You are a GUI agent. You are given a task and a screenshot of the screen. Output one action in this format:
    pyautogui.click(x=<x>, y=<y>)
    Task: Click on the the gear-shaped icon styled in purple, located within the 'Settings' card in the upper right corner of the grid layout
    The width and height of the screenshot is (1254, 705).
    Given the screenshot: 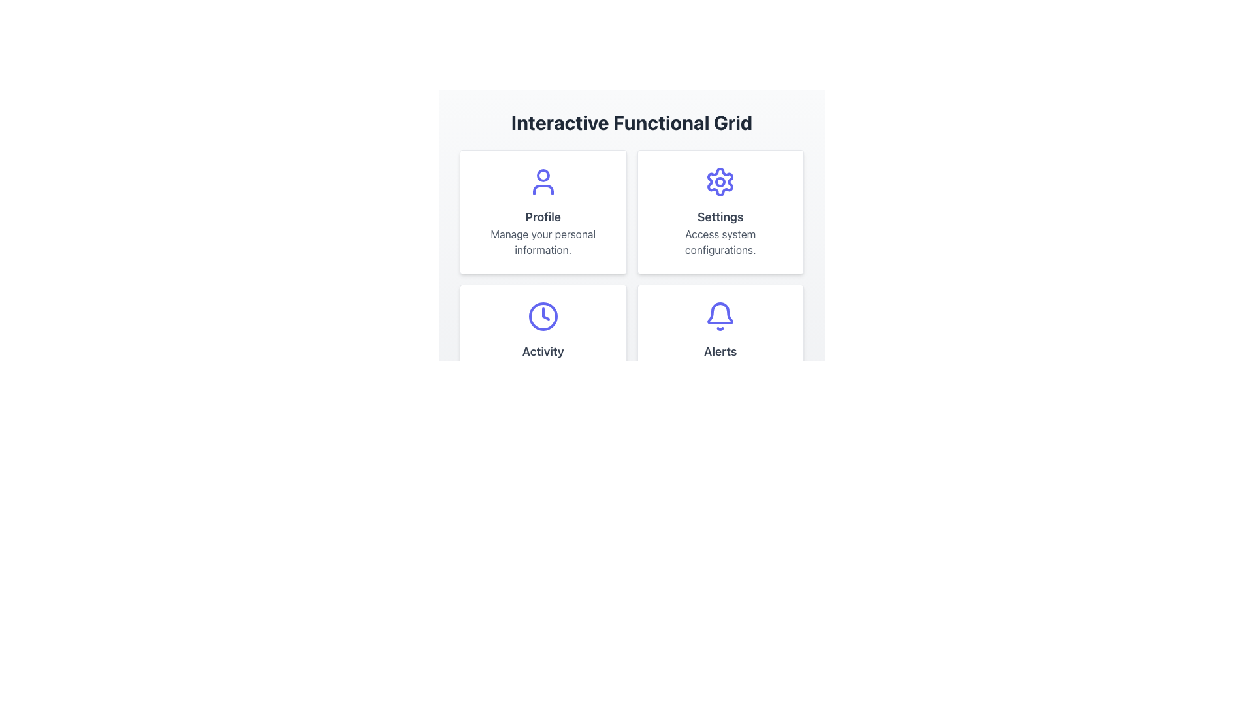 What is the action you would take?
    pyautogui.click(x=720, y=181)
    